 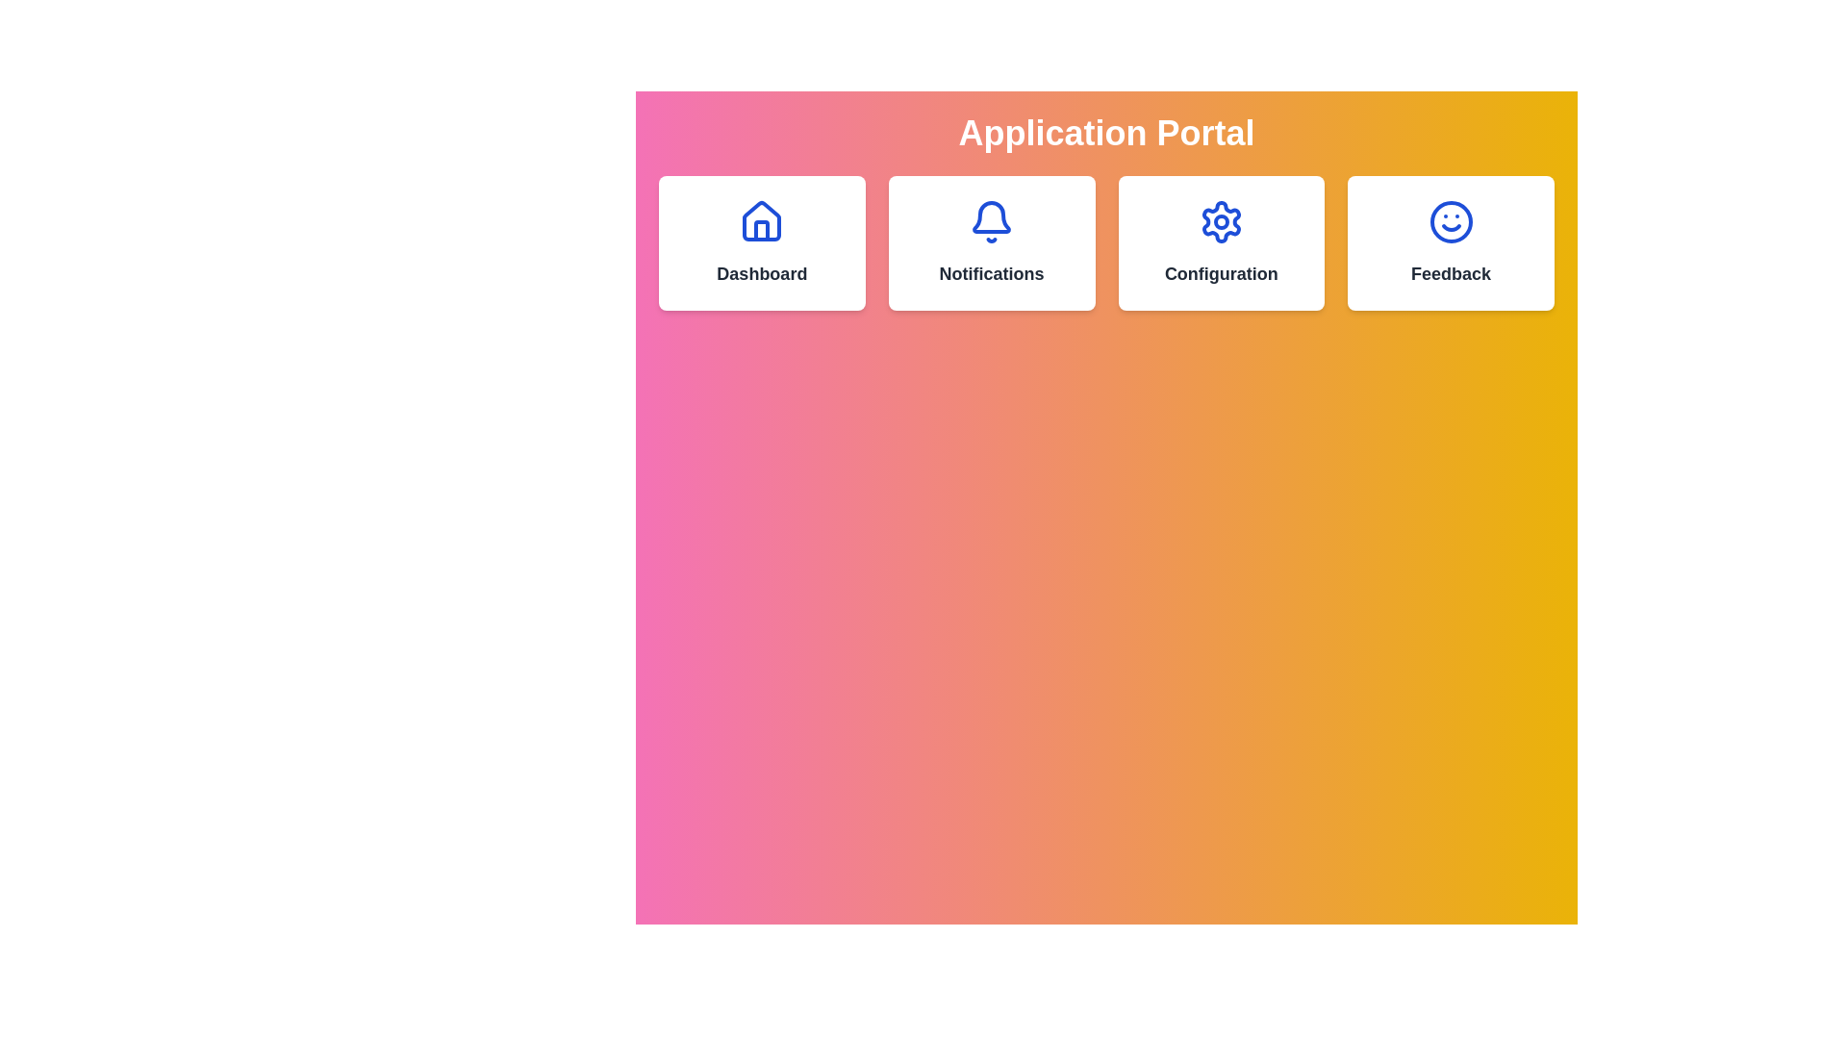 What do you see at coordinates (761, 229) in the screenshot?
I see `the house icon within the 'Dashboard' button located in the top-left section of the interface` at bounding box center [761, 229].